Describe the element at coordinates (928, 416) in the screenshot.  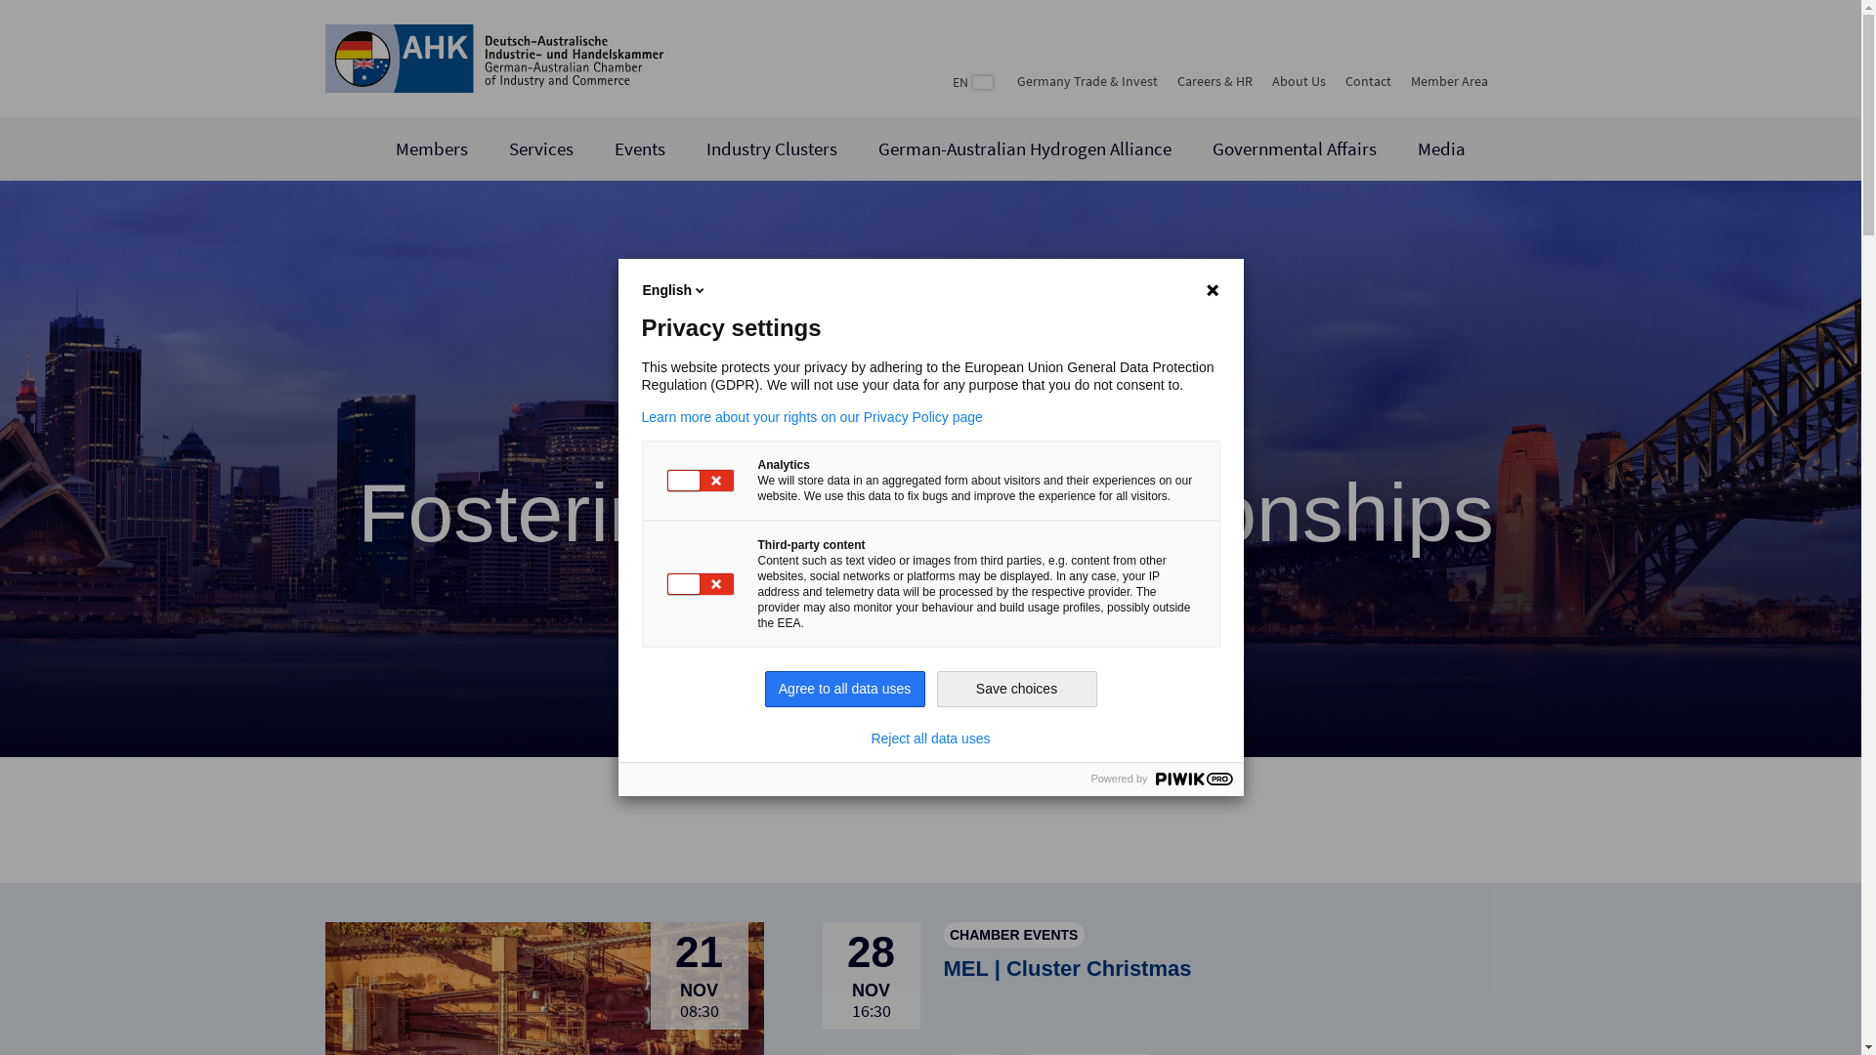
I see `'Learn more about your rights on our Privacy Policy page'` at that location.